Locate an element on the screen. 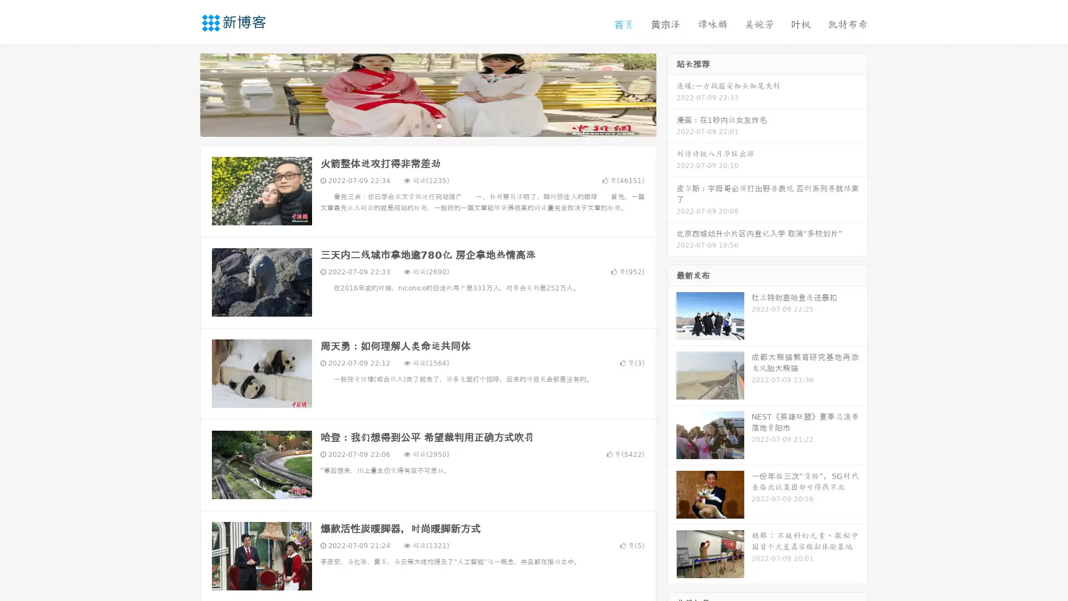 The width and height of the screenshot is (1068, 601). Previous slide is located at coordinates (184, 93).